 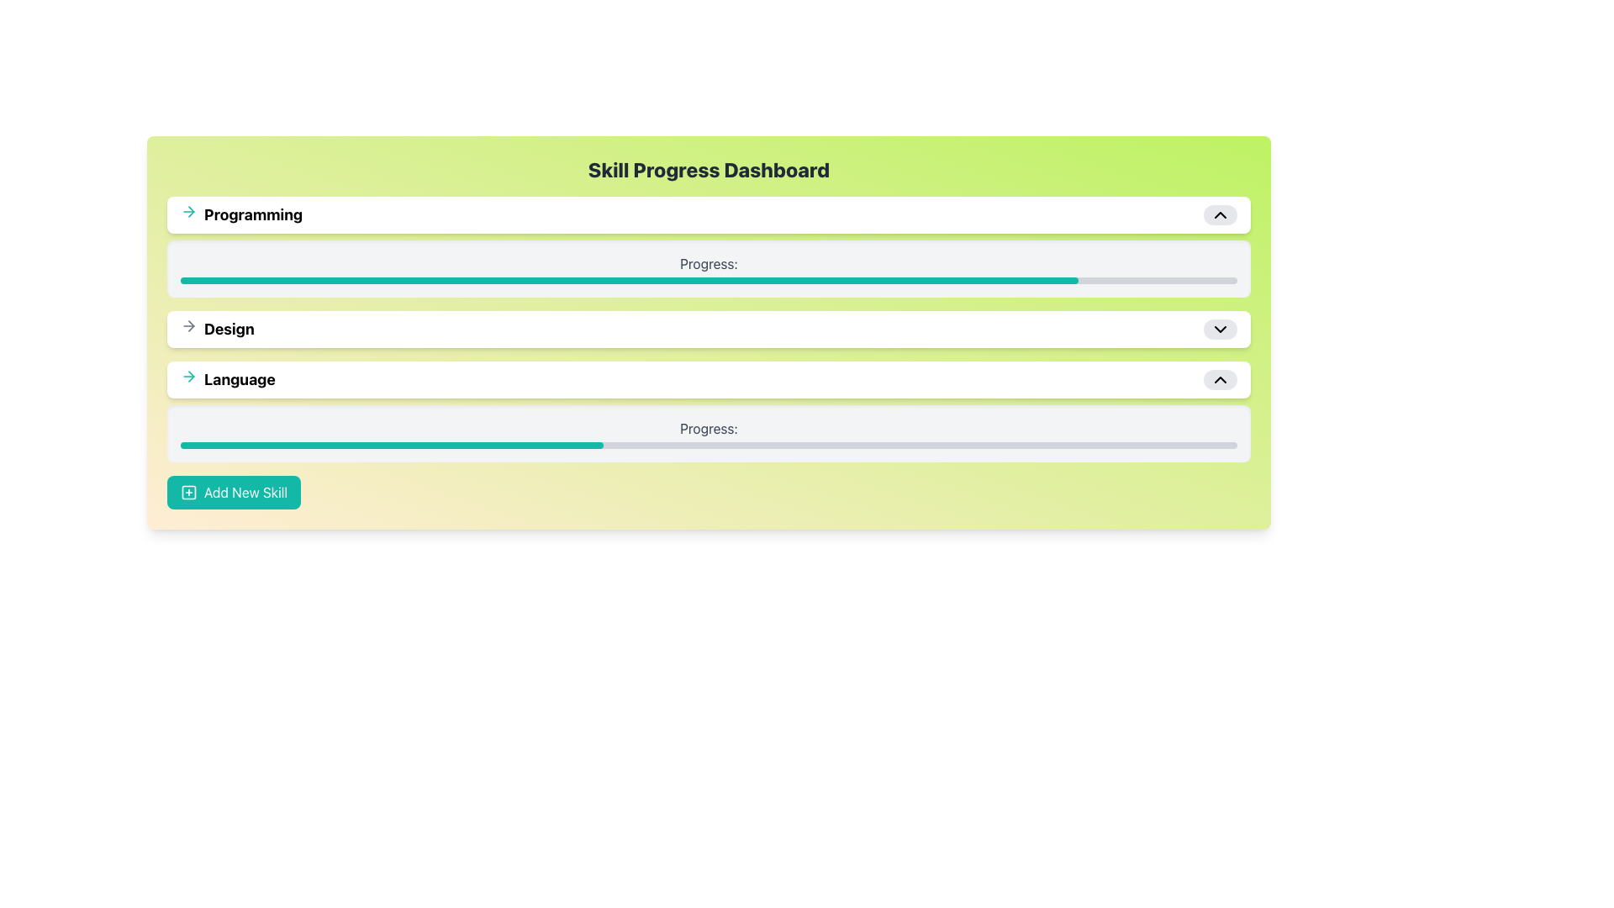 What do you see at coordinates (1220, 379) in the screenshot?
I see `the button that collapses or hides the content of the 'Language' section in the 'Skill Progress Dashboard'` at bounding box center [1220, 379].